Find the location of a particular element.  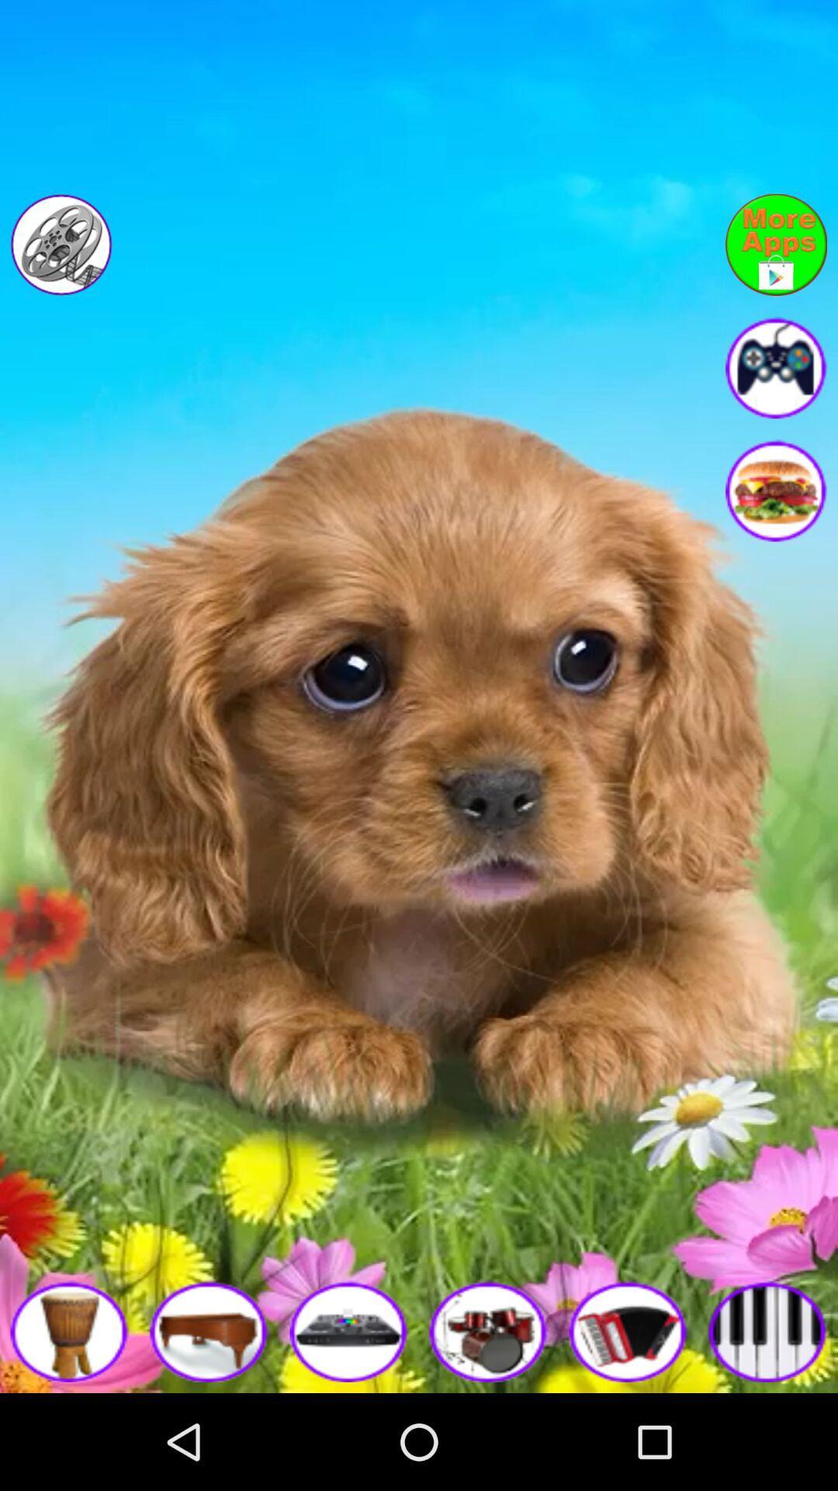

music is located at coordinates (768, 1330).